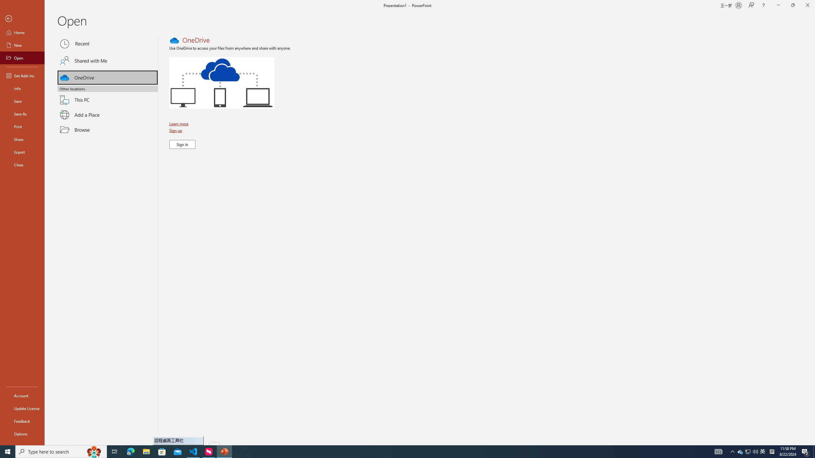 This screenshot has height=458, width=815. I want to click on 'Browse', so click(108, 129).